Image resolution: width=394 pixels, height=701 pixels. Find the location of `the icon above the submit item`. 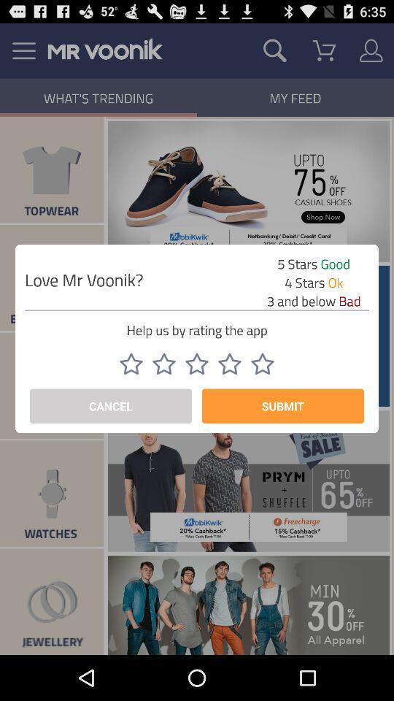

the icon above the submit item is located at coordinates (229, 363).